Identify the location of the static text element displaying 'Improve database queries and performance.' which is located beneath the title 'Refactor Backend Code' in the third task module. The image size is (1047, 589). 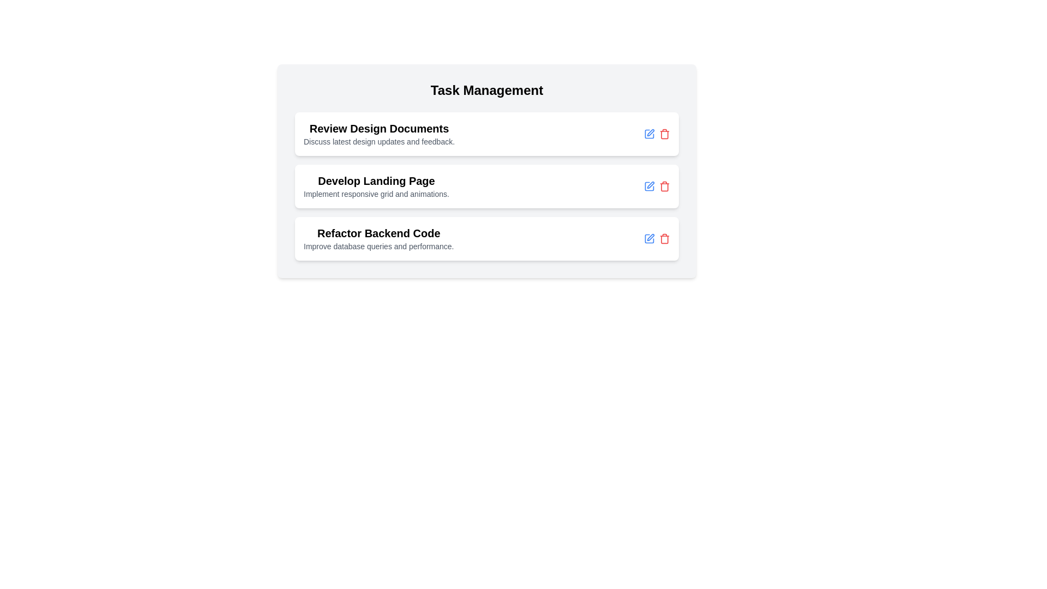
(378, 246).